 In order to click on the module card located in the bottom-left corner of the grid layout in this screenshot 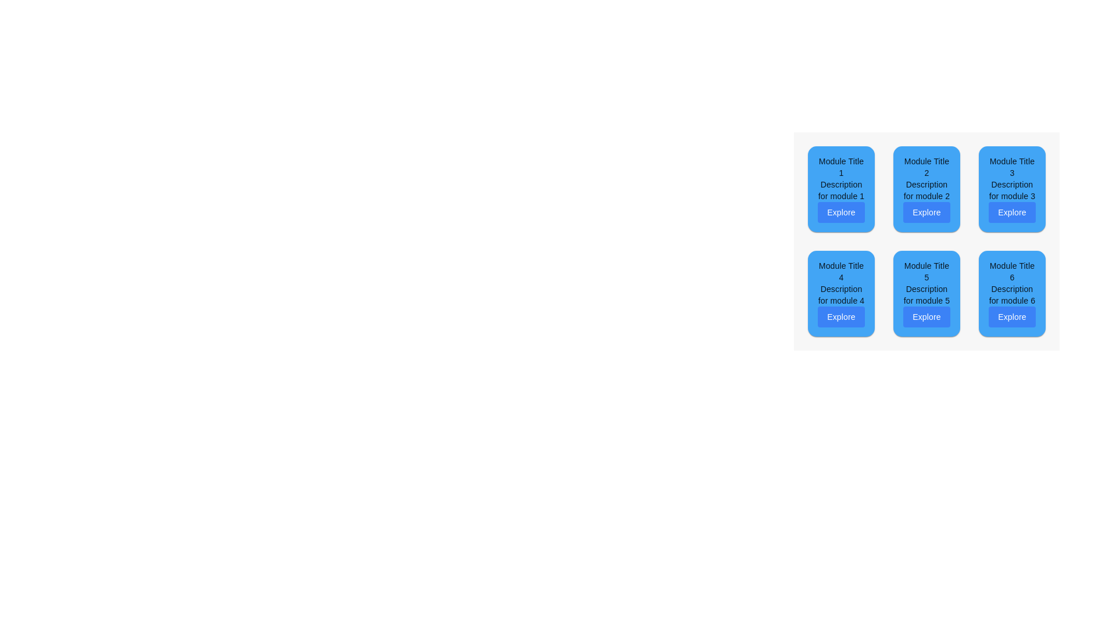, I will do `click(831, 284)`.